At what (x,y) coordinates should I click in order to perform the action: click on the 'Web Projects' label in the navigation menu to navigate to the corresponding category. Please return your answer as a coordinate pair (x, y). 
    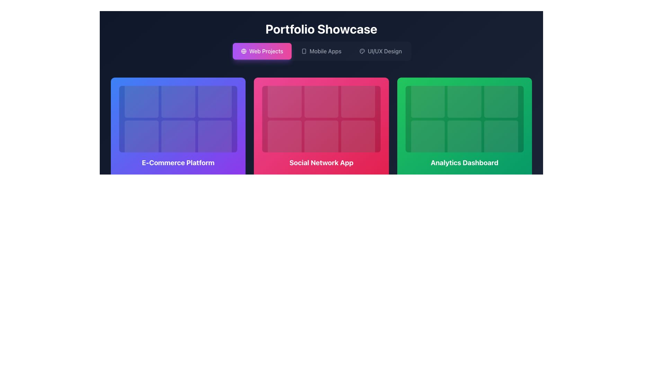
    Looking at the image, I should click on (266, 51).